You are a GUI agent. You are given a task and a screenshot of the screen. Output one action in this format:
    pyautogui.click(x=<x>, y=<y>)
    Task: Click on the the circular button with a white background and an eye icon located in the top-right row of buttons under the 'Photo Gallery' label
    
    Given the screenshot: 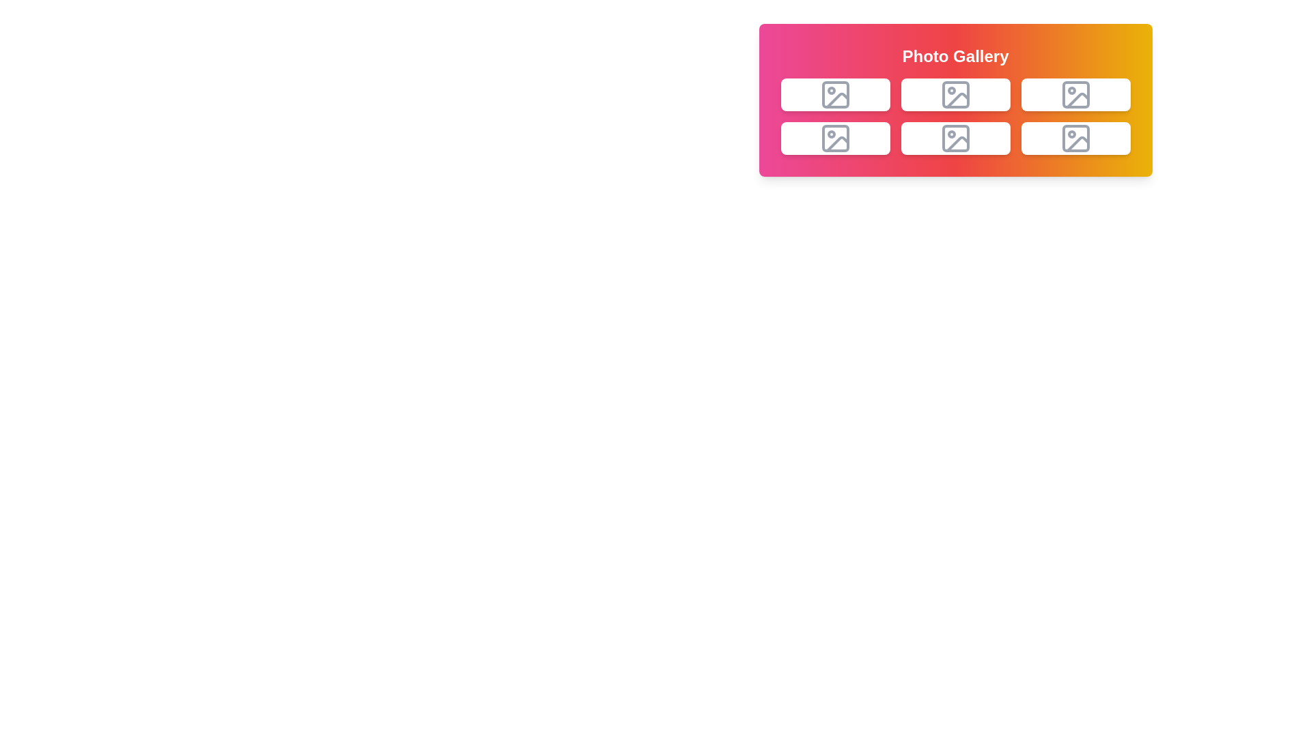 What is the action you would take?
    pyautogui.click(x=937, y=93)
    